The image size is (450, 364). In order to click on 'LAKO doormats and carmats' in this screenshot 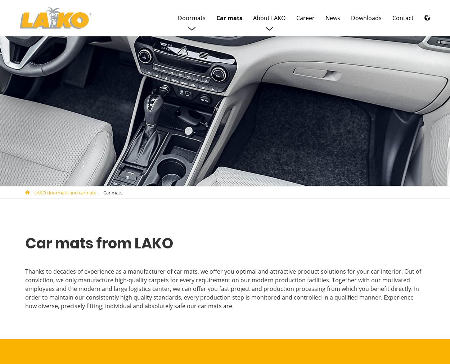, I will do `click(65, 193)`.